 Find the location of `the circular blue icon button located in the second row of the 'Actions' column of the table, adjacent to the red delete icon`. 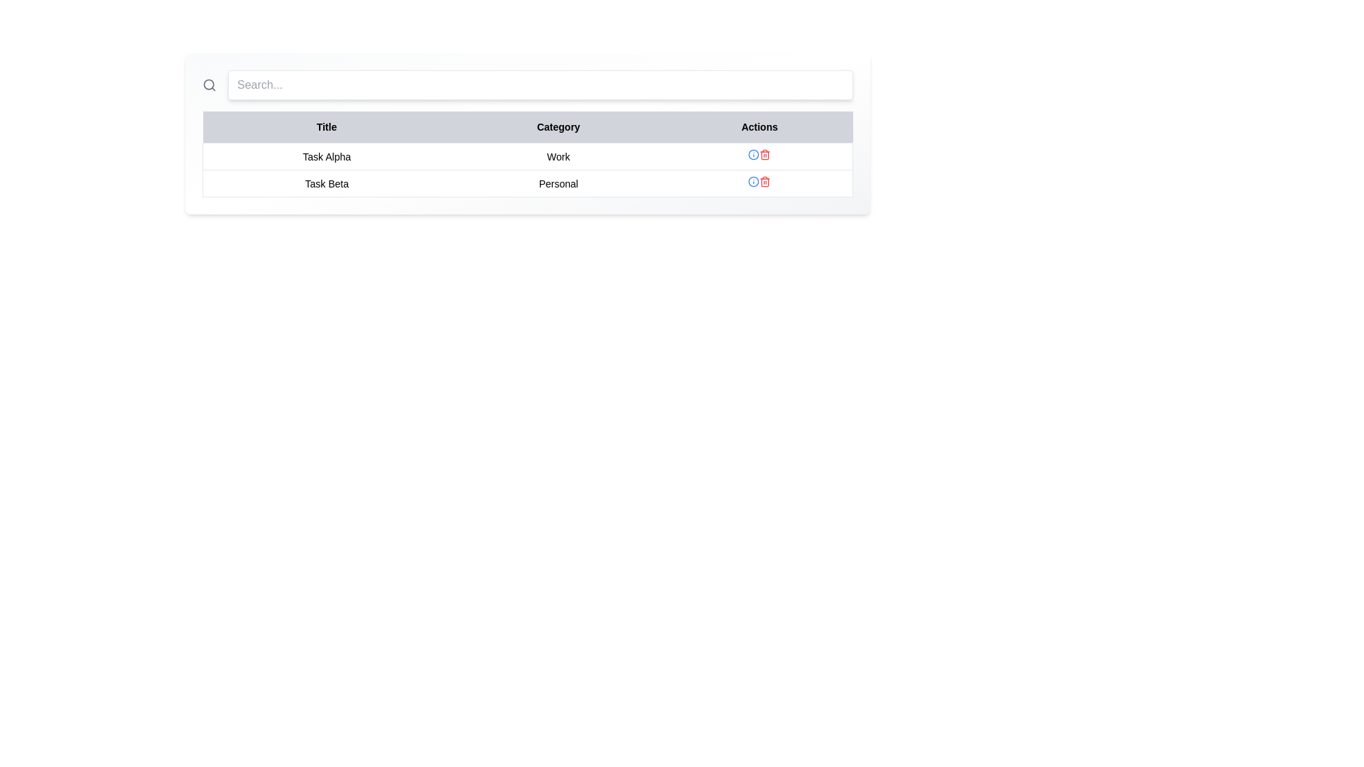

the circular blue icon button located in the second row of the 'Actions' column of the table, adjacent to the red delete icon is located at coordinates (753, 155).